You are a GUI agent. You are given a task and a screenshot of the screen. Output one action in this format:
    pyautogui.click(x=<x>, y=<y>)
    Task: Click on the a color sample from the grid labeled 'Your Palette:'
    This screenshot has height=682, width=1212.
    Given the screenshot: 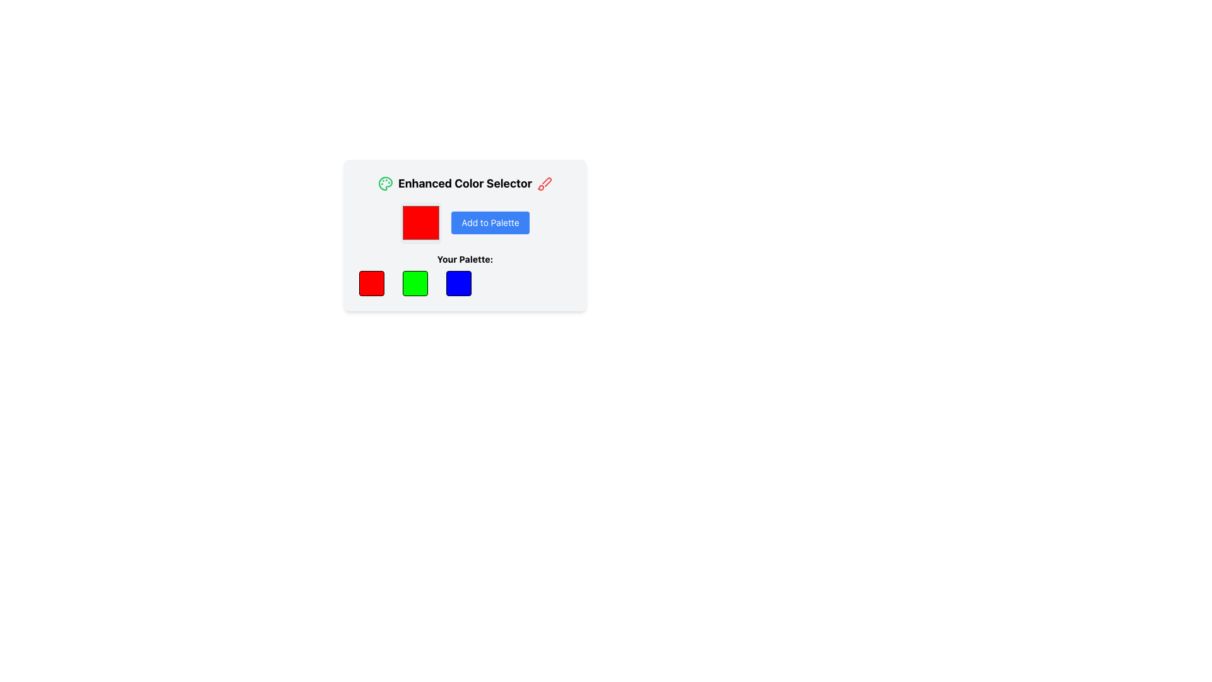 What is the action you would take?
    pyautogui.click(x=465, y=274)
    